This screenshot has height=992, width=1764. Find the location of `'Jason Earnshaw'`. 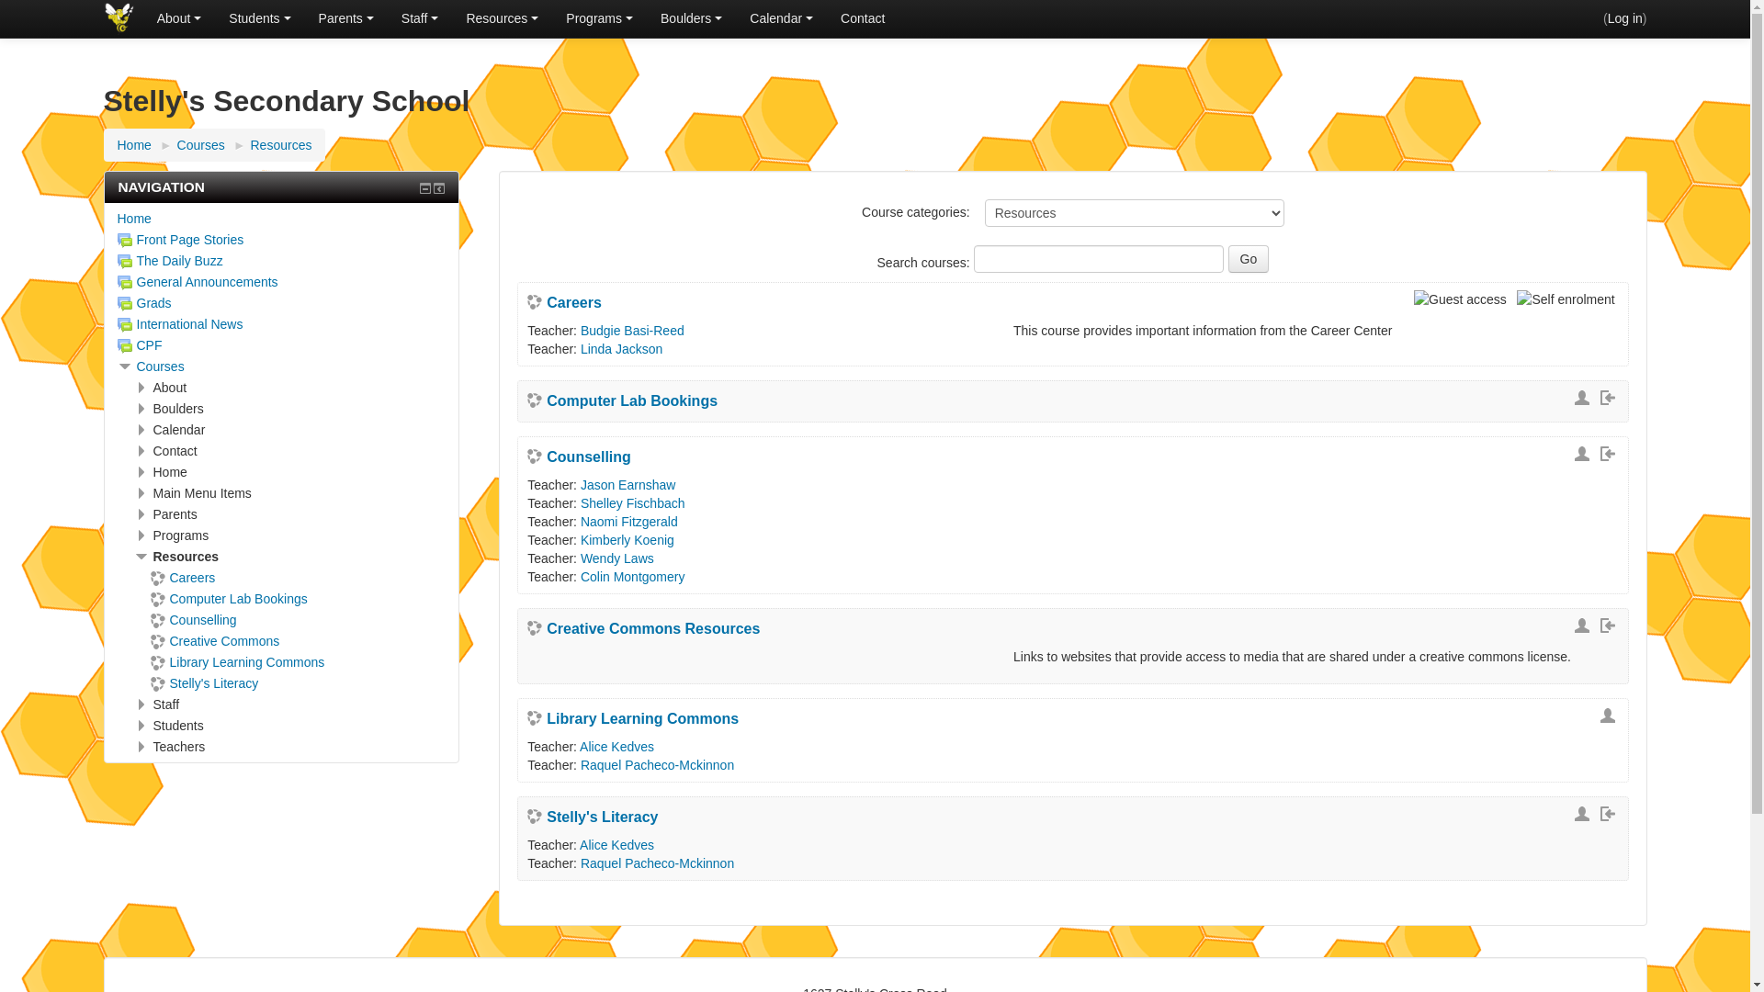

'Jason Earnshaw' is located at coordinates (628, 484).